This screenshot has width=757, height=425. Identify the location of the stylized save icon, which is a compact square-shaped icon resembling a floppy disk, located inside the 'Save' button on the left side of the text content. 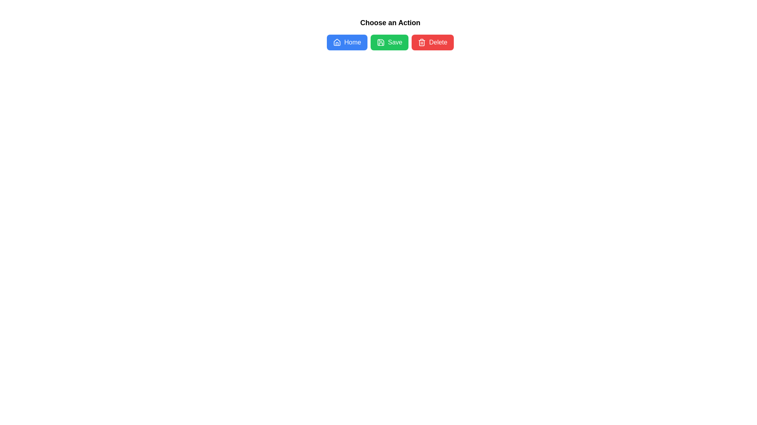
(380, 42).